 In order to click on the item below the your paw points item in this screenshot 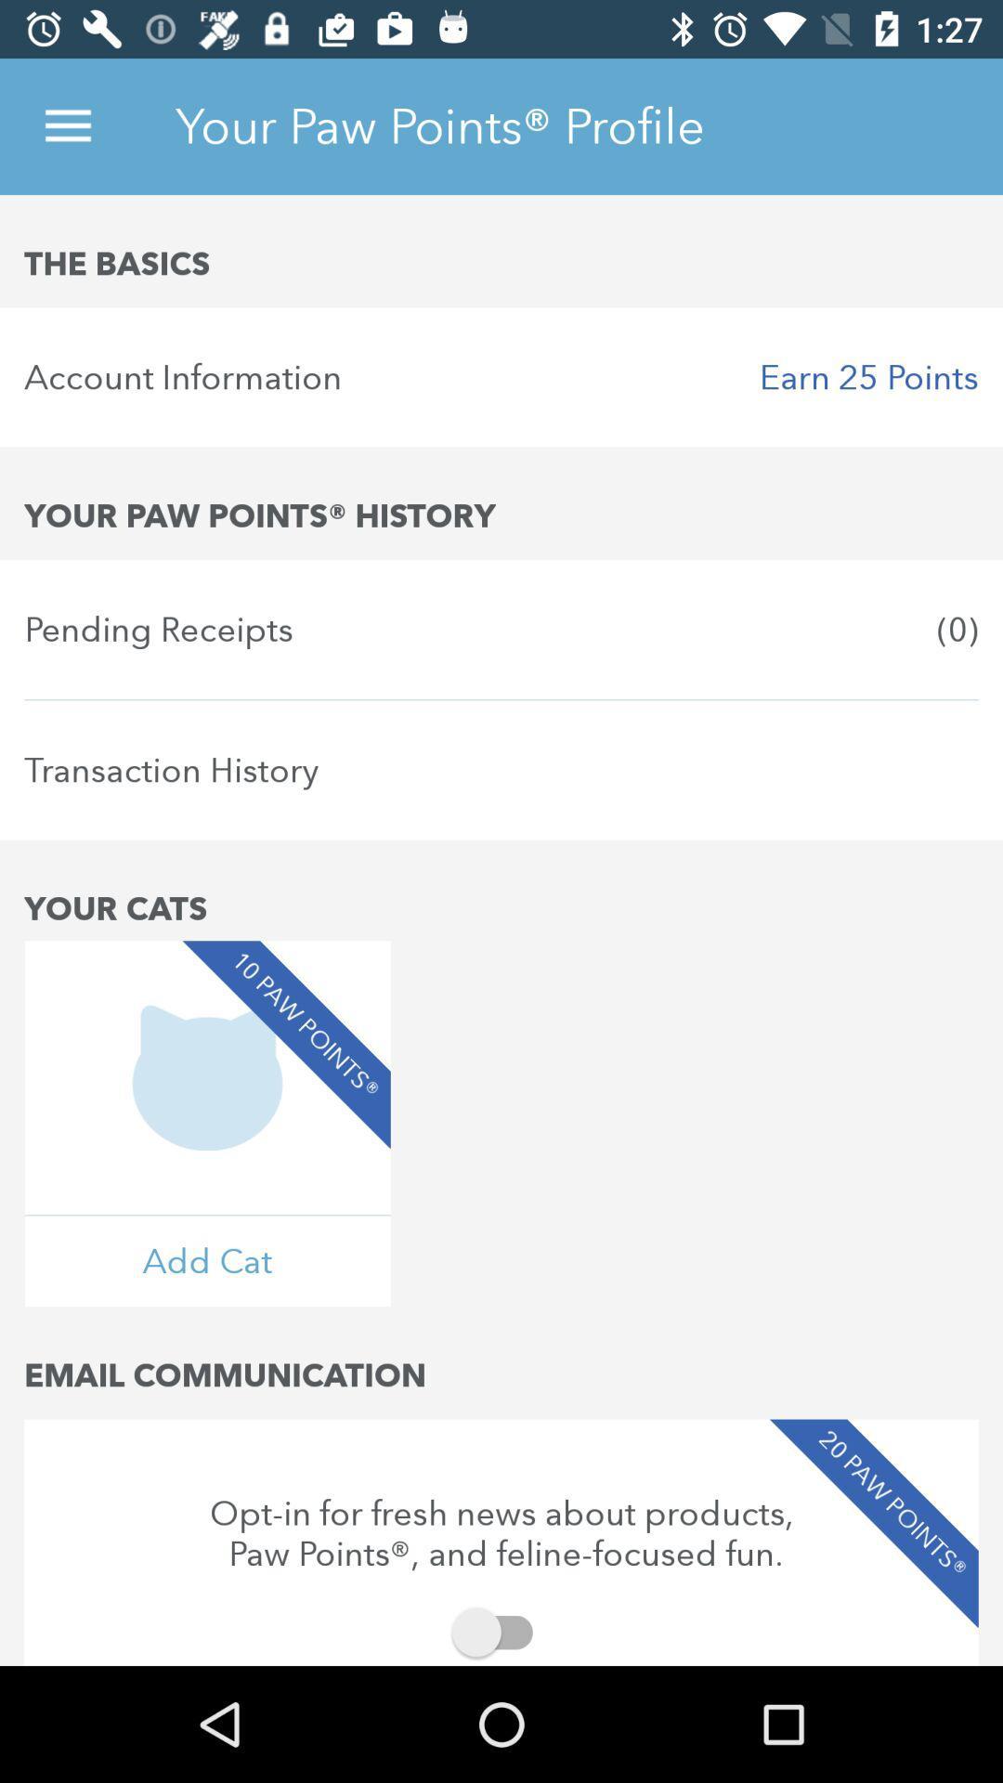, I will do `click(501, 629)`.